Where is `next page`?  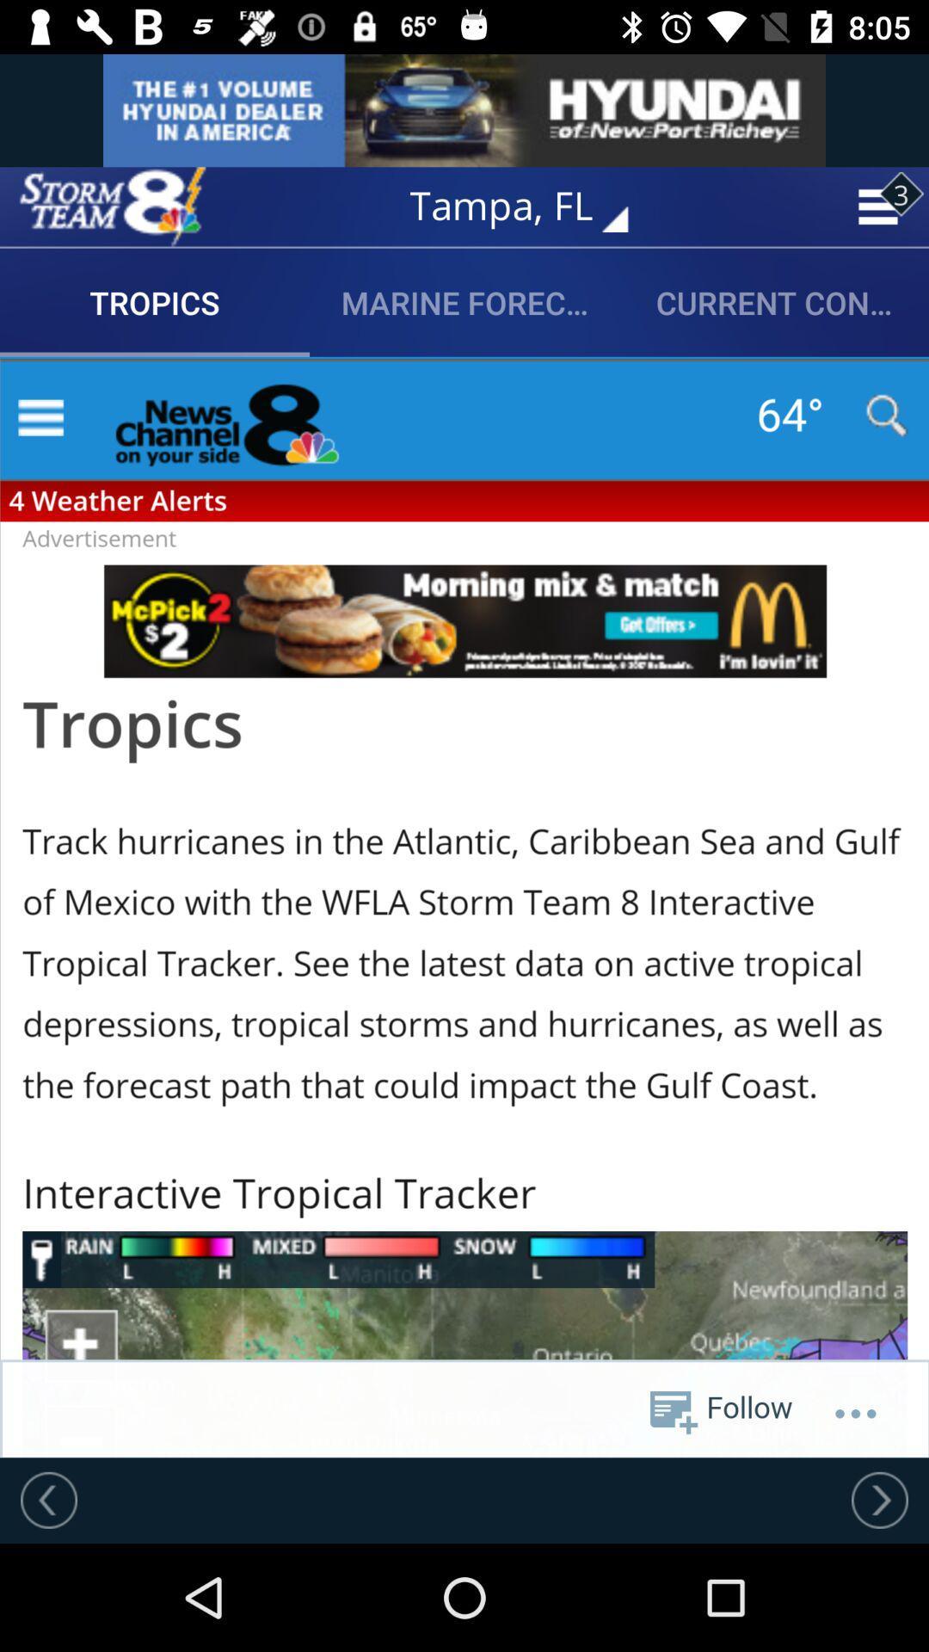
next page is located at coordinates (879, 1499).